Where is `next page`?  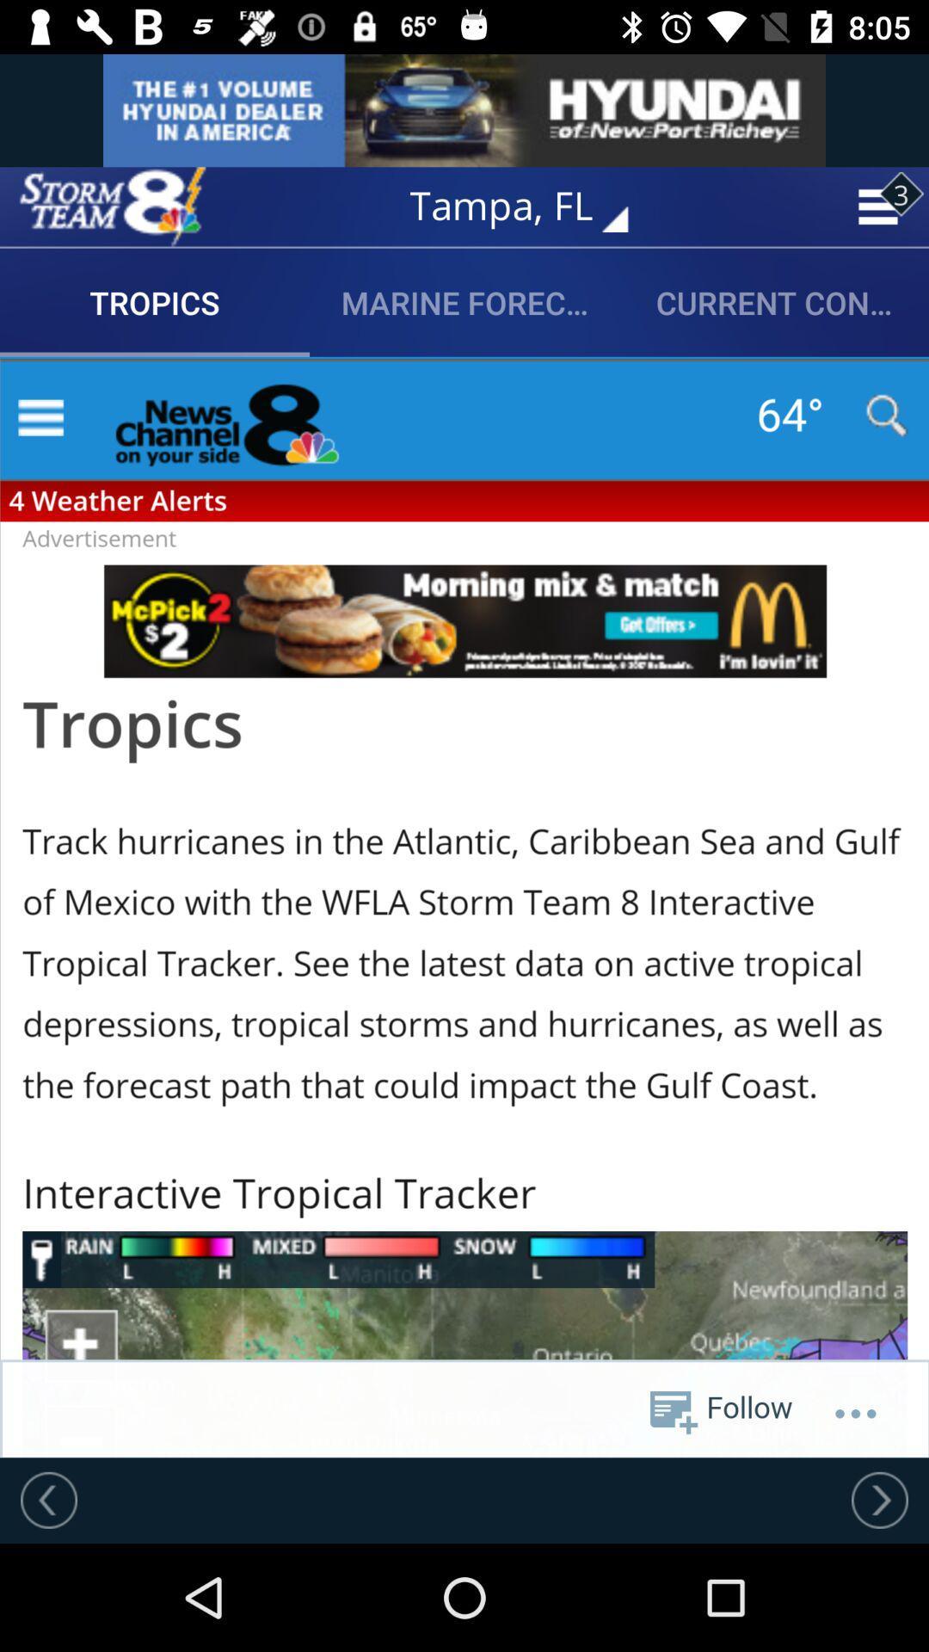
next page is located at coordinates (879, 1499).